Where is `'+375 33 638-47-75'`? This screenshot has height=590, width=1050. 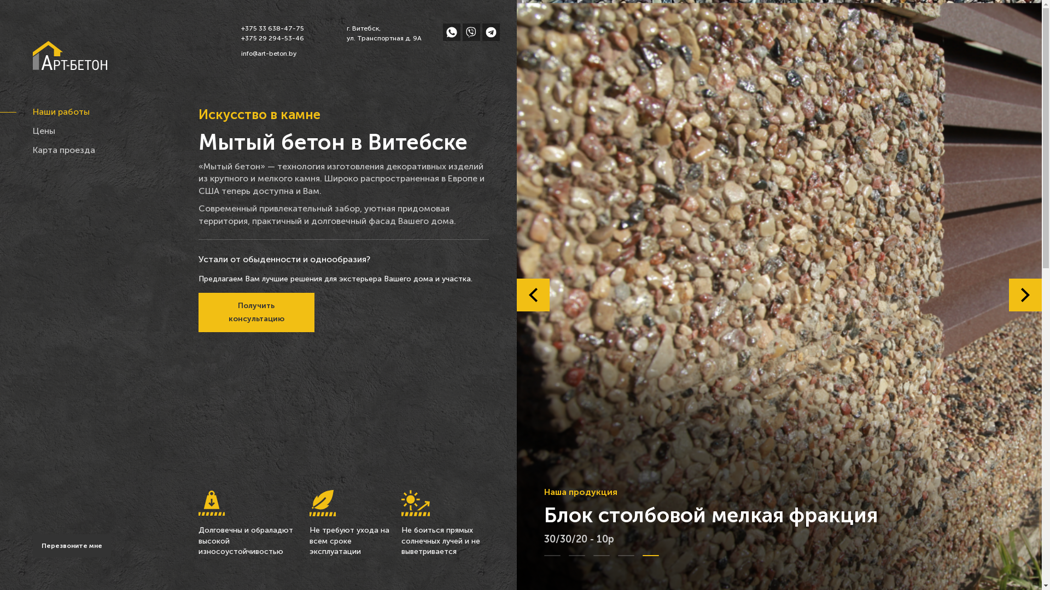
'+375 33 638-47-75' is located at coordinates (240, 27).